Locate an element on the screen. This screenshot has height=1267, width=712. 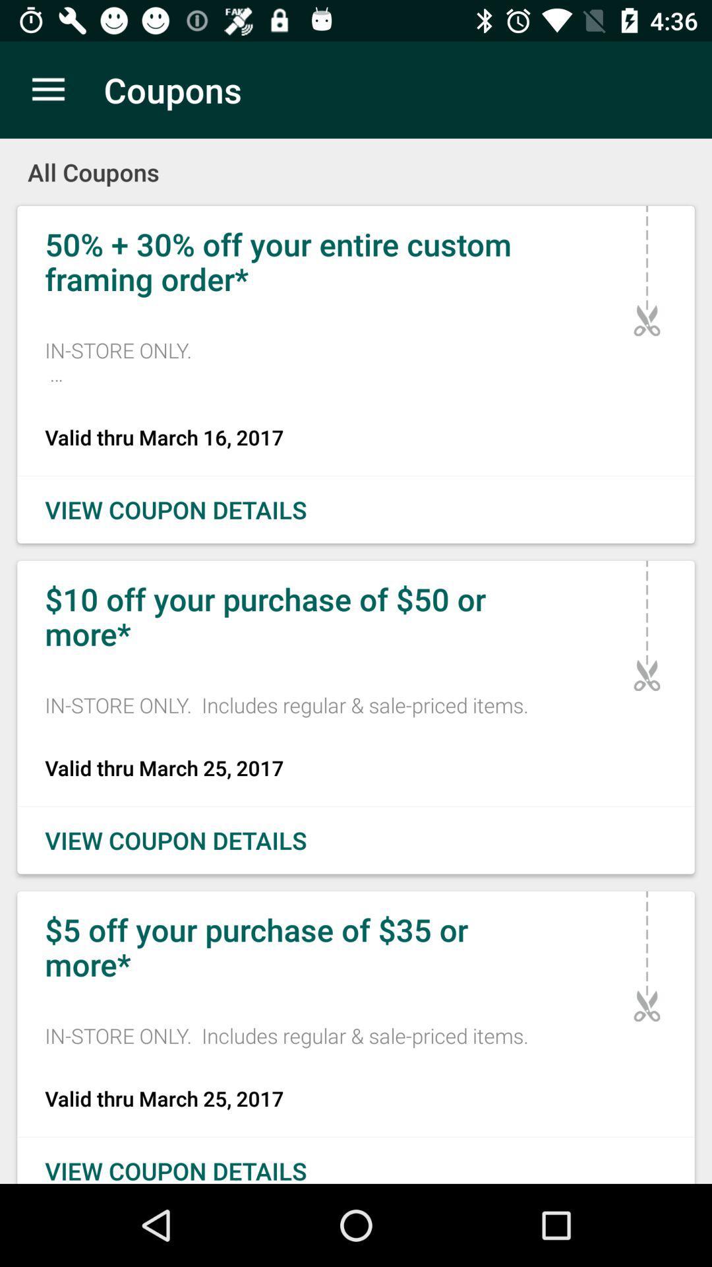
icon next to the coupons icon is located at coordinates (47, 89).